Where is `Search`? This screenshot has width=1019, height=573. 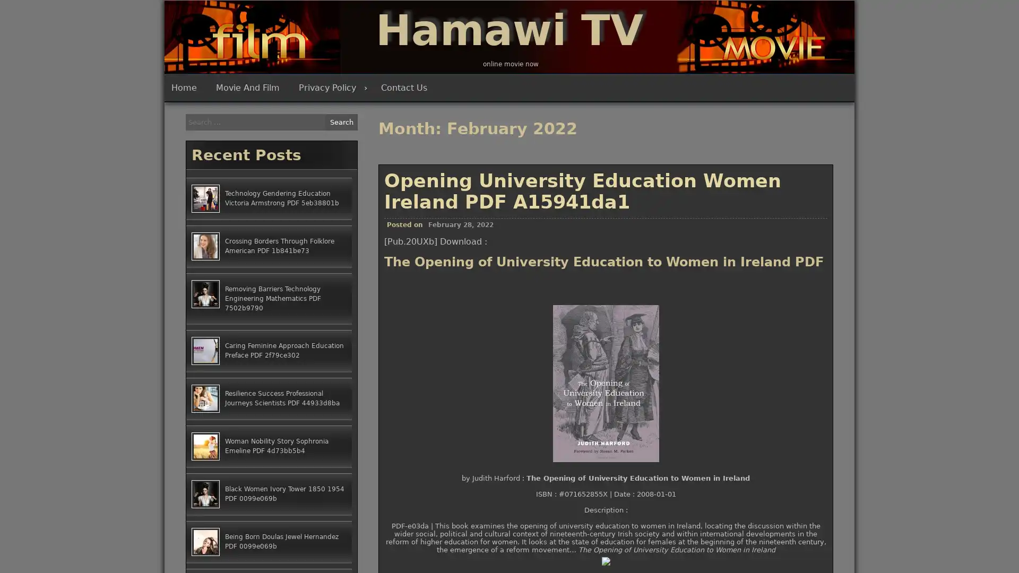 Search is located at coordinates (341, 121).